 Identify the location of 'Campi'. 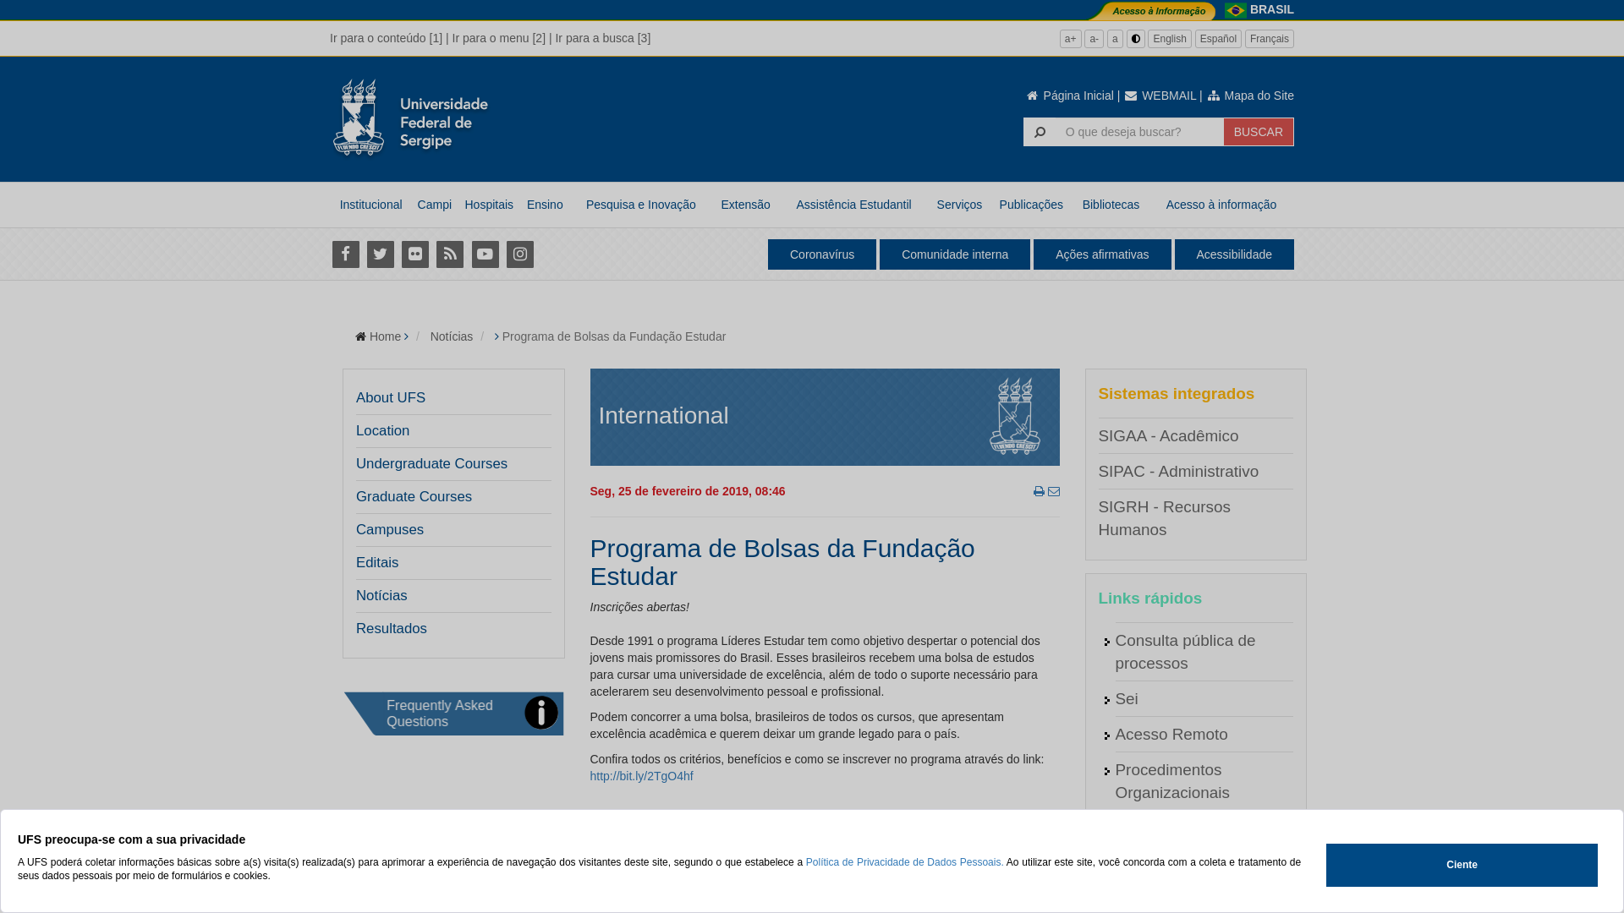
(434, 204).